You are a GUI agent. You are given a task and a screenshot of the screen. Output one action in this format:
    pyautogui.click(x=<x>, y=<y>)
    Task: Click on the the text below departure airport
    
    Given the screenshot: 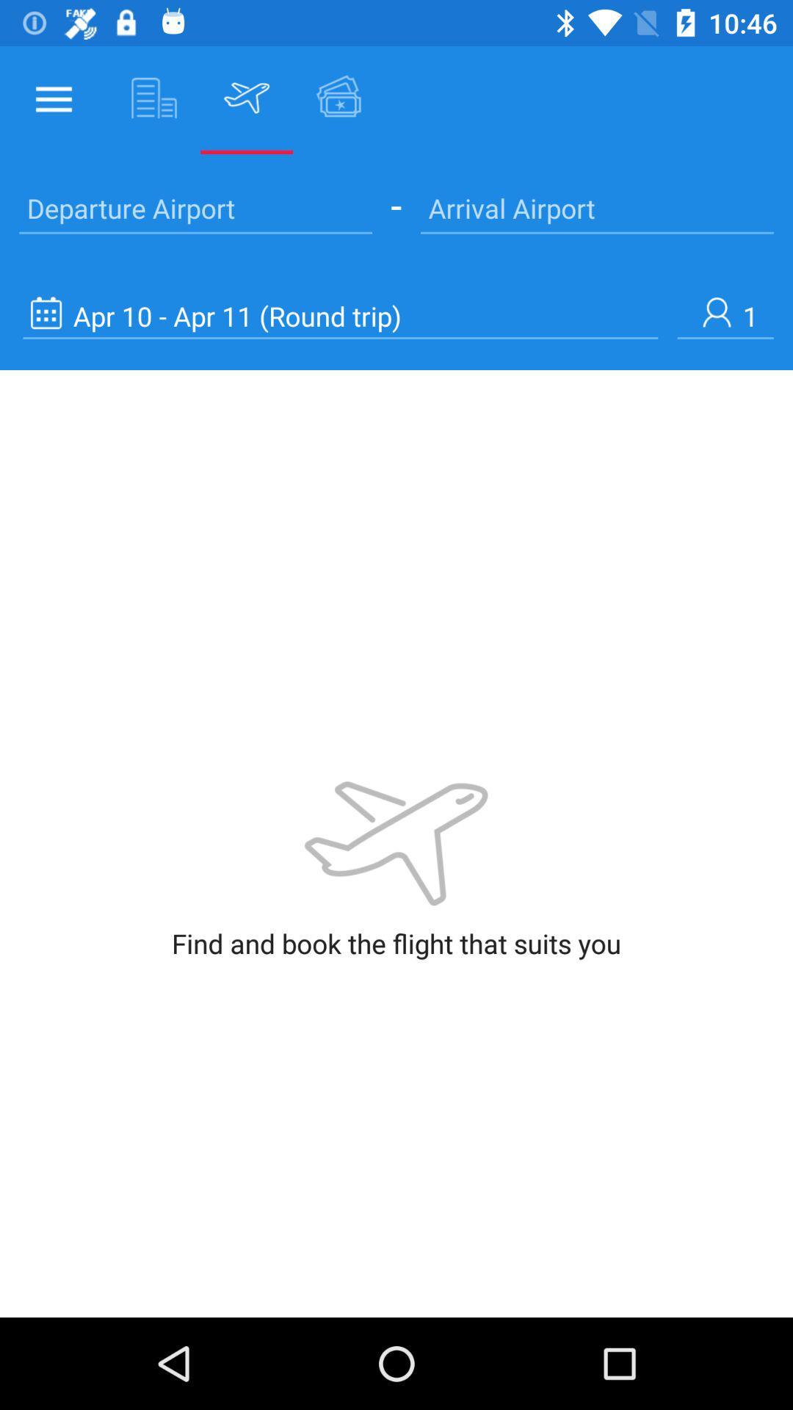 What is the action you would take?
    pyautogui.click(x=340, y=315)
    